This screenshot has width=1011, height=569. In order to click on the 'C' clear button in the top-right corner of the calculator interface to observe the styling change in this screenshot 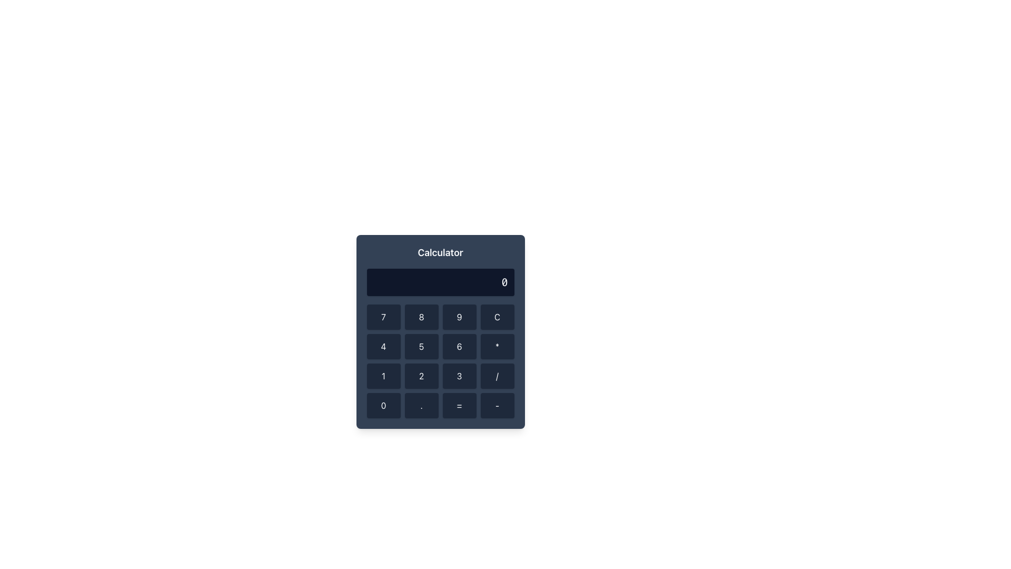, I will do `click(497, 316)`.